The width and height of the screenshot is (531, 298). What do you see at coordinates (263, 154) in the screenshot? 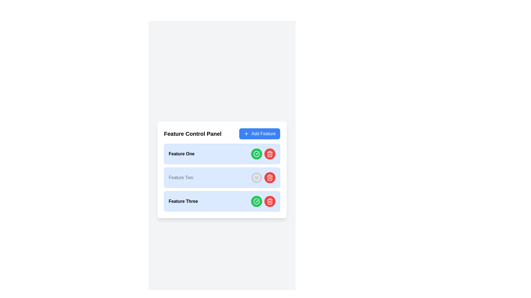
I see `the green circular button with a check icon located in the rightmost segment of the 'Feature One' row to confirm or activate the feature` at bounding box center [263, 154].